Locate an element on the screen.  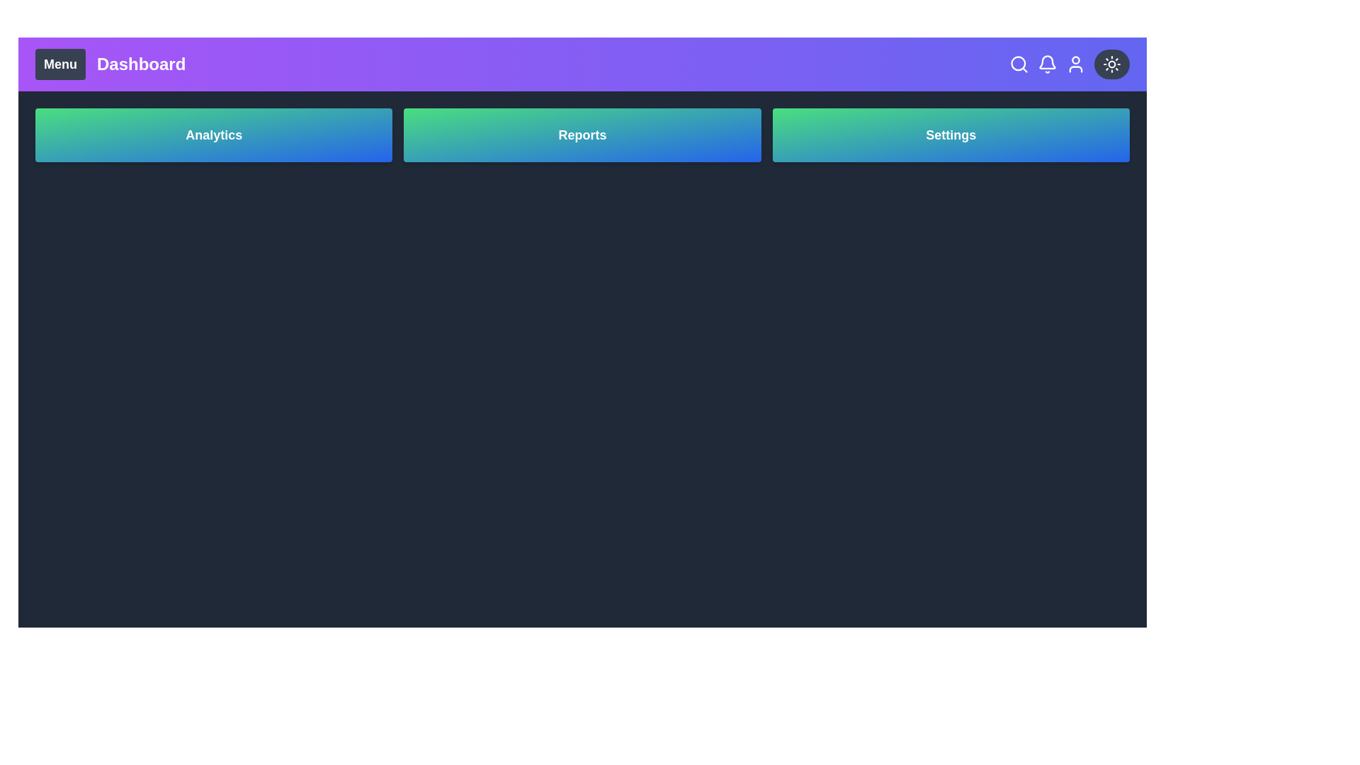
user icon in the top-right corner of the app bar to access user profile options is located at coordinates (1075, 64).